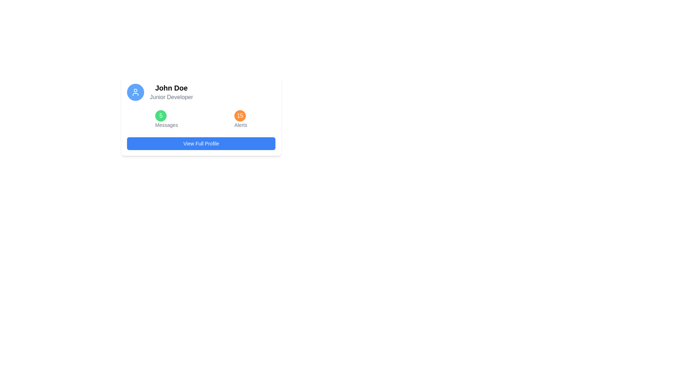  I want to click on the informational badge displaying '5 Messages', so click(166, 119).